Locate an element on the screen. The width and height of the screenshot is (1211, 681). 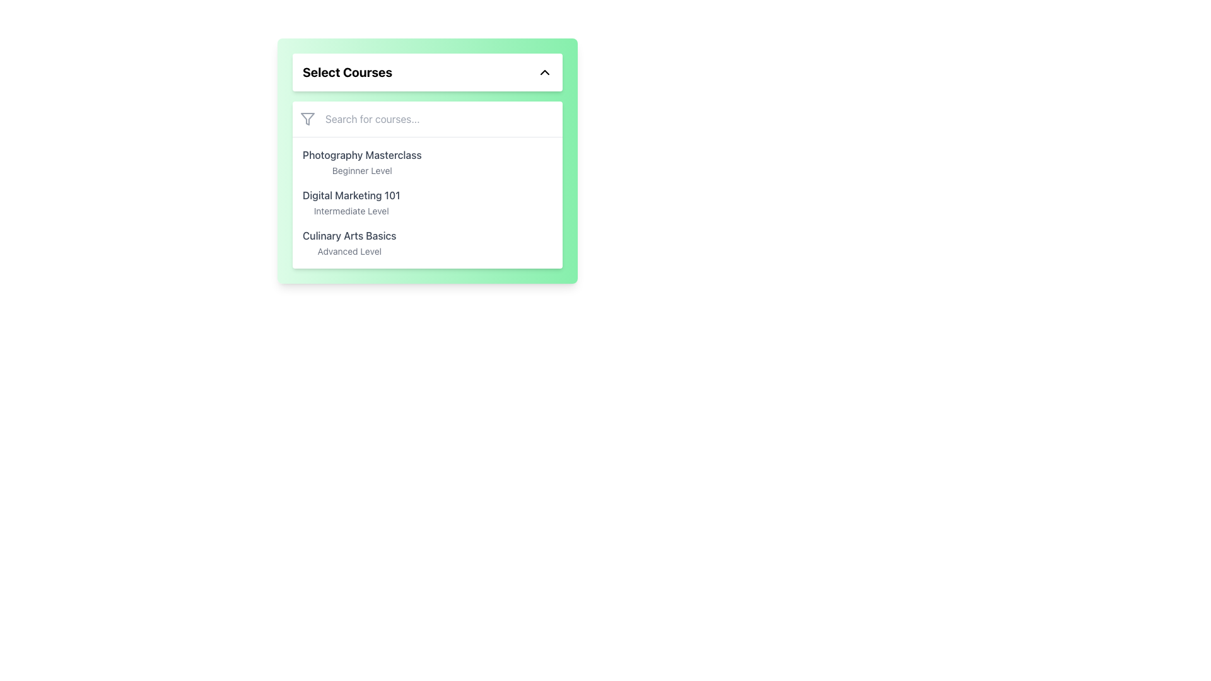
the text label displaying 'Advanced Level', which is styled in a smaller gray font and located under the 'Culinary Arts Basics' title in the dropdown menu under 'Select Courses' is located at coordinates (349, 251).